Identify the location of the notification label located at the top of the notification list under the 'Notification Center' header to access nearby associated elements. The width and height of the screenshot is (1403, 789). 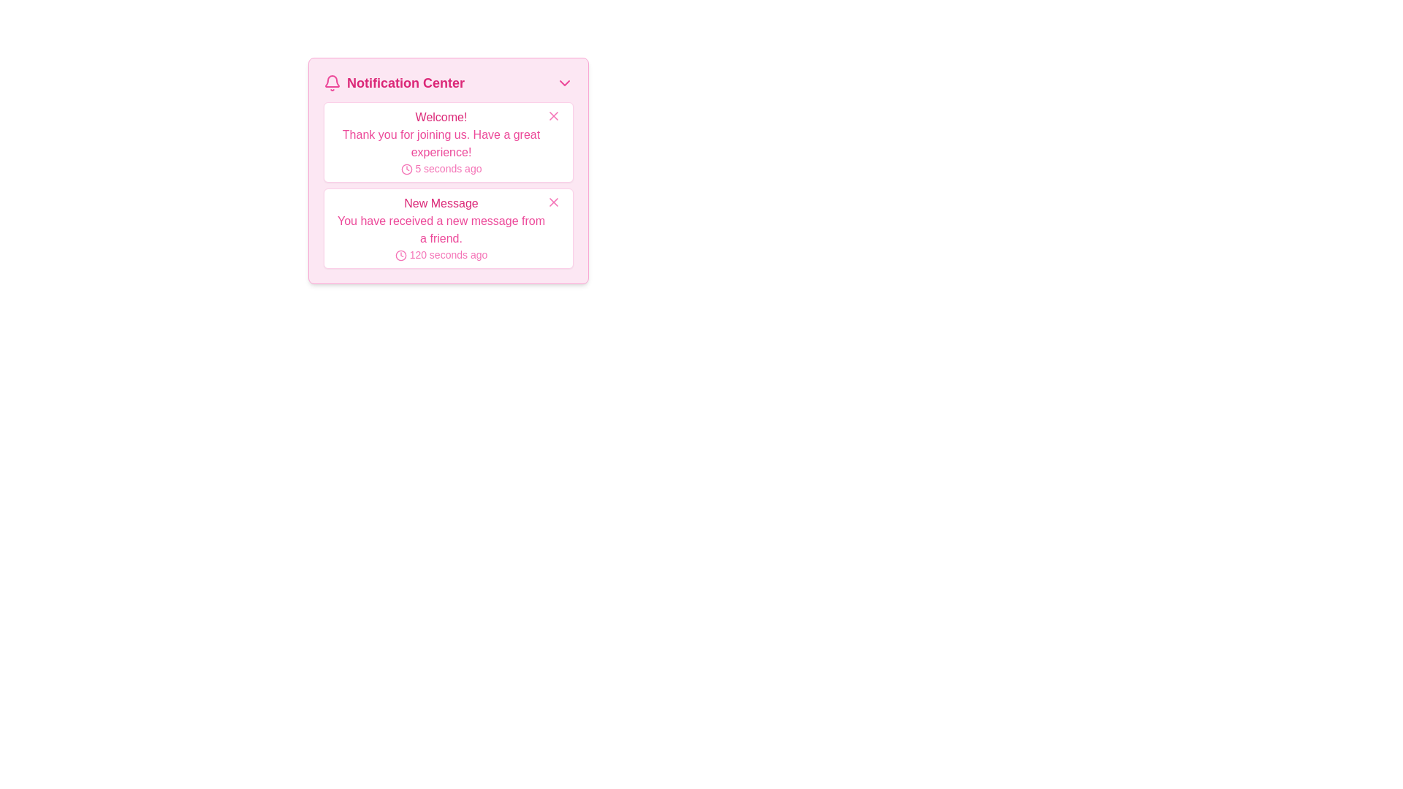
(441, 117).